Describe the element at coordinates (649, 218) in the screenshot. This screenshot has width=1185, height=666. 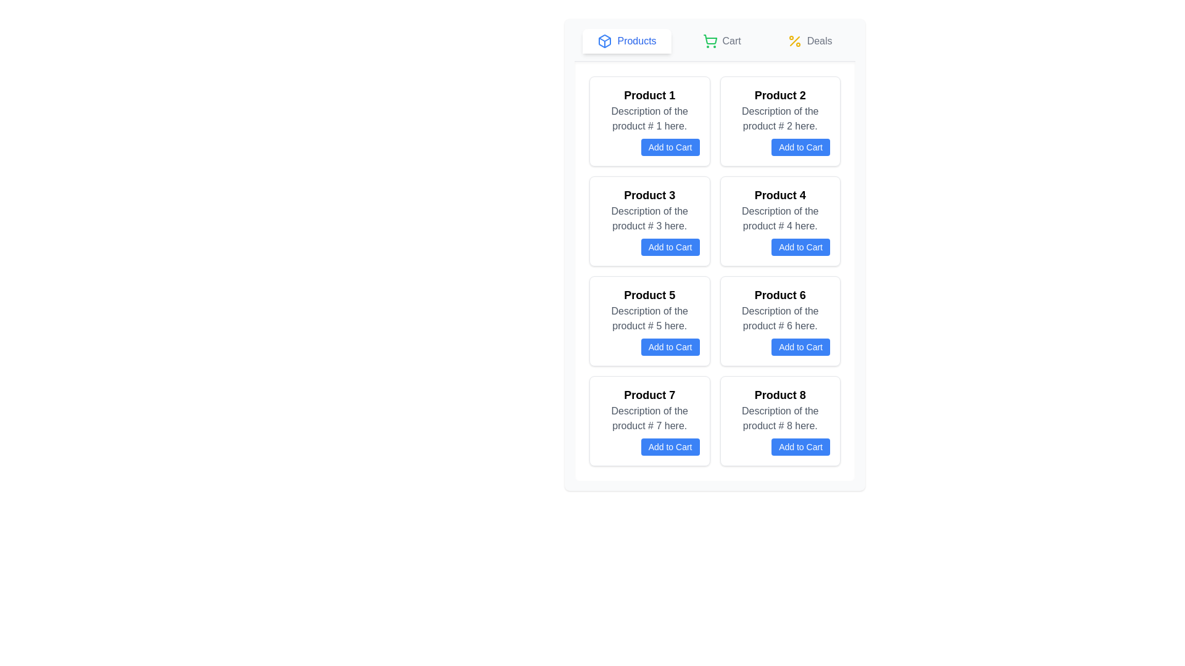
I see `static text description about the product titled 'Product 3', which is located below the title and above the 'Add to Cart' button in the product grid` at that location.